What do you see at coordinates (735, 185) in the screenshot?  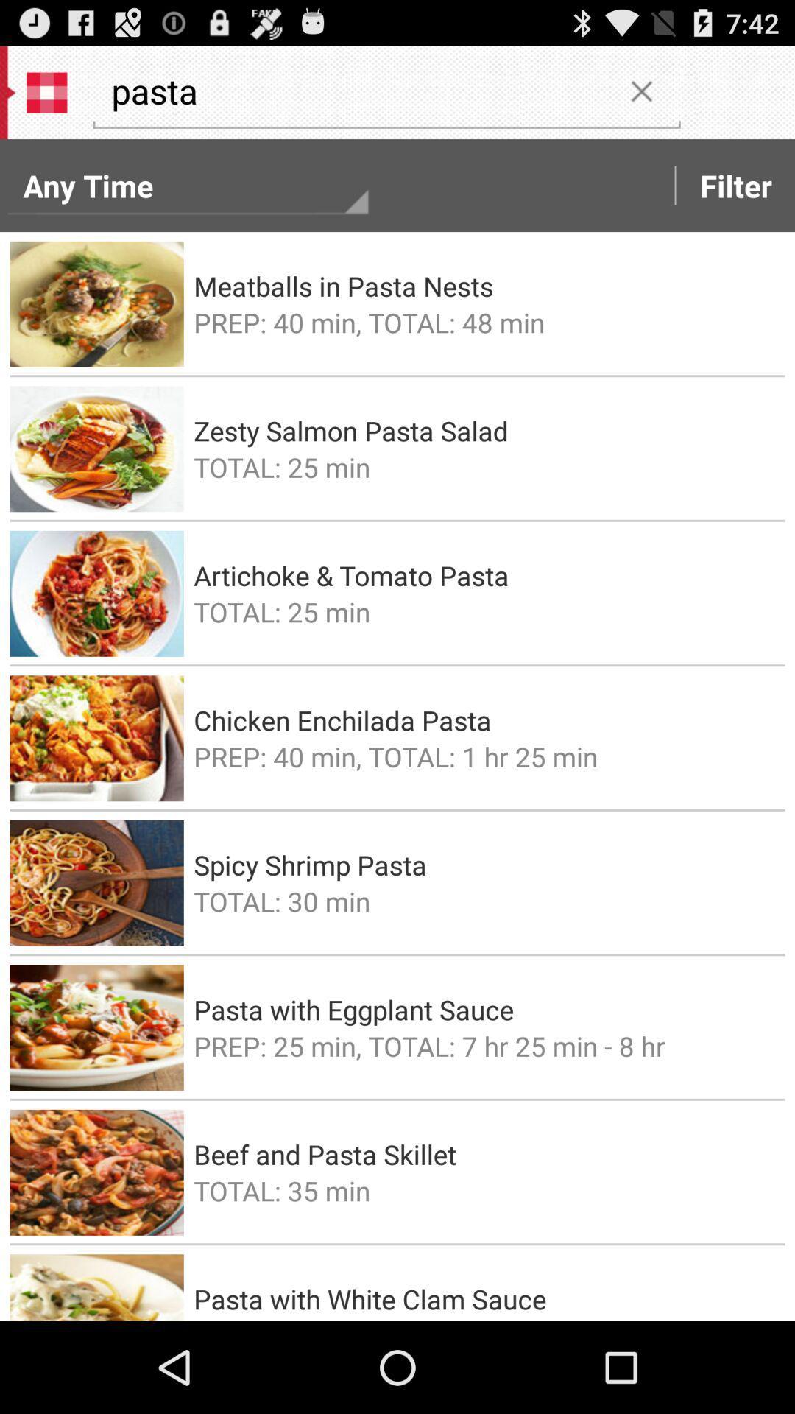 I see `the filter` at bounding box center [735, 185].